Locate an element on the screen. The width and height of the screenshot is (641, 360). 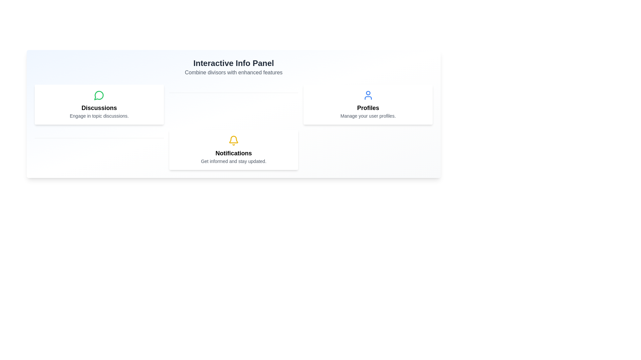
the static text element that displays 'Get informed and stay updated.' which is styled in gray color and is part of the notifications card is located at coordinates (234, 161).